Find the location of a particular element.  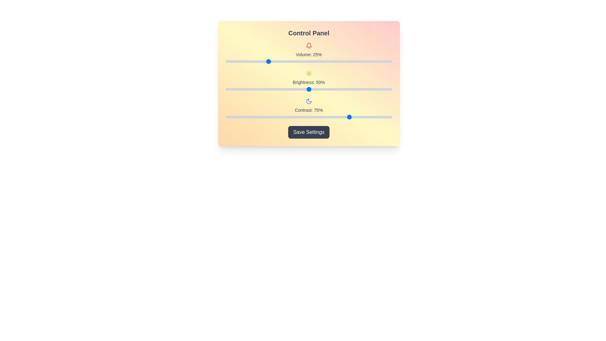

brightness is located at coordinates (390, 89).